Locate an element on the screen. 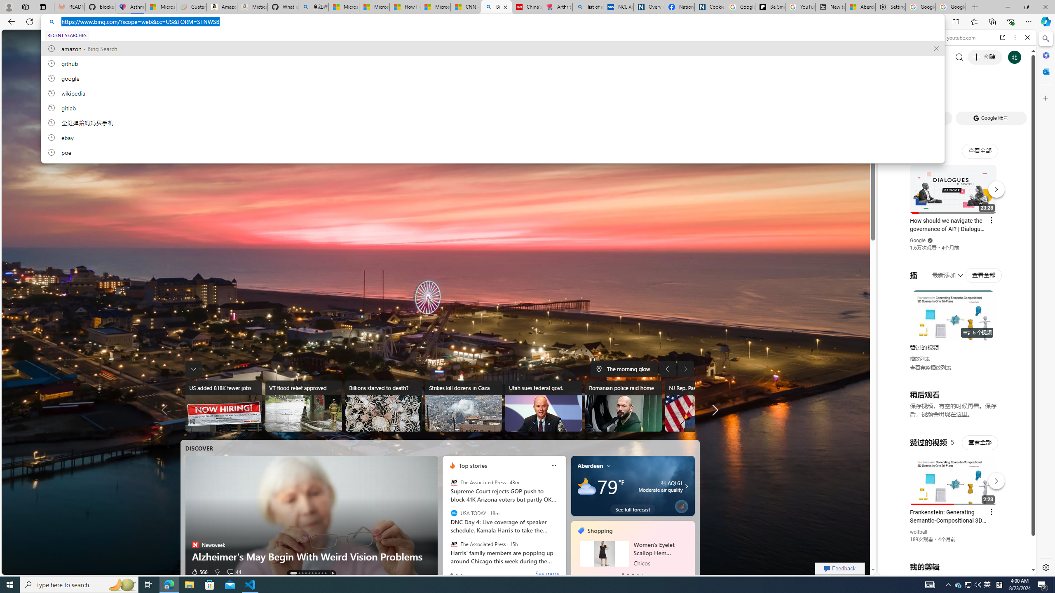  'Close Outlook pane' is located at coordinates (1045, 71).